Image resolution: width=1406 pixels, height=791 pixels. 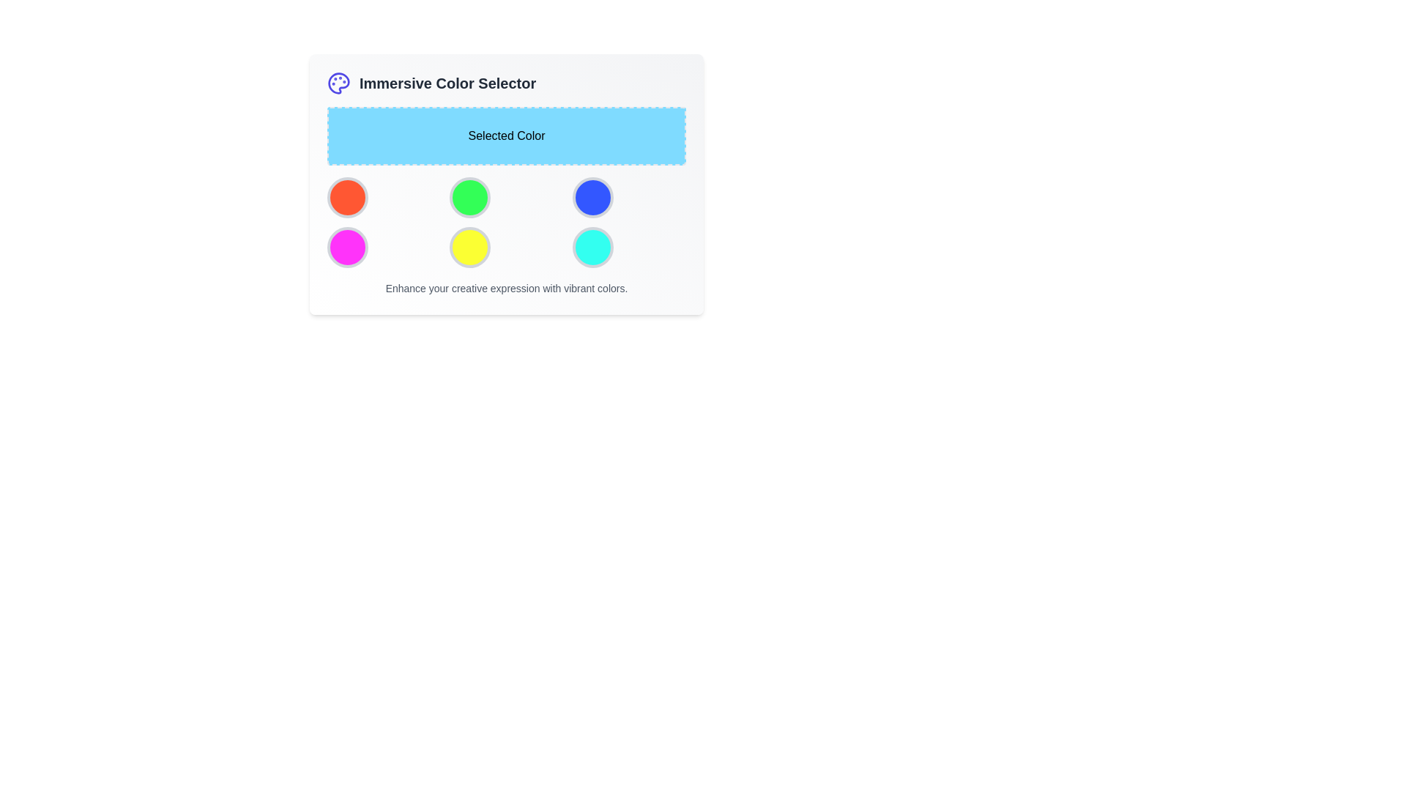 What do you see at coordinates (506, 288) in the screenshot?
I see `the informational text label that provides guidance about the functionality of the interface, positioned below the row of colored circles` at bounding box center [506, 288].